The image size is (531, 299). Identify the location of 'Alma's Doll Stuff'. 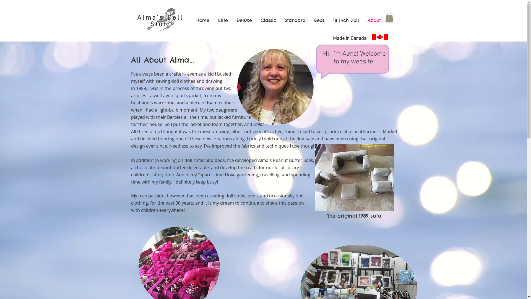
(160, 21).